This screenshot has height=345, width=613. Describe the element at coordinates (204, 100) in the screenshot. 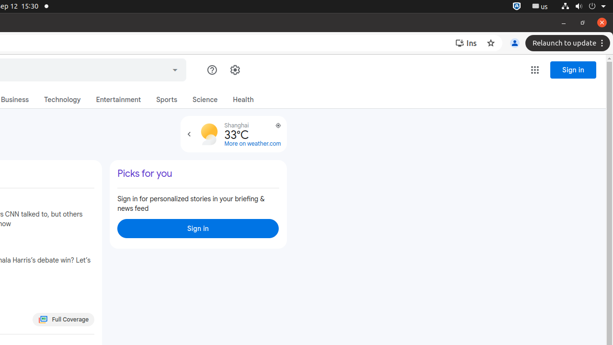

I see `'Science'` at that location.